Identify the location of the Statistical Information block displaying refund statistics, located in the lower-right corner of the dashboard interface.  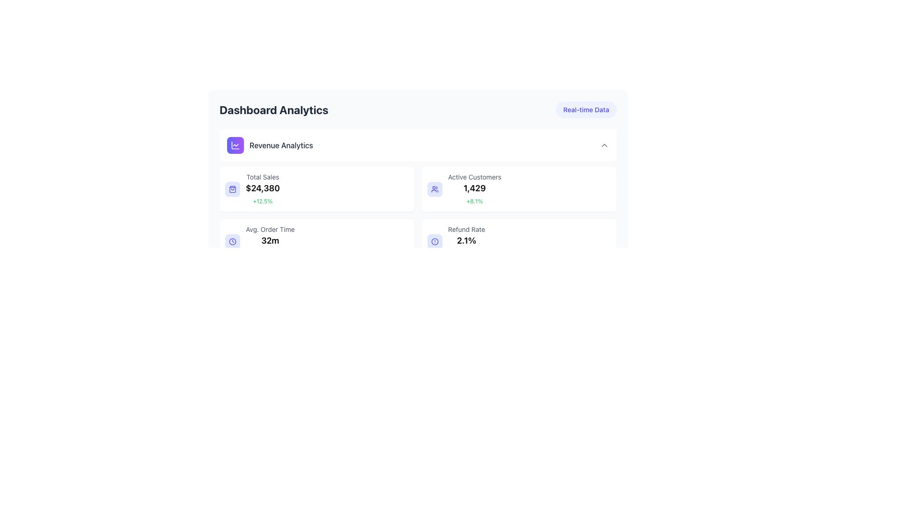
(466, 241).